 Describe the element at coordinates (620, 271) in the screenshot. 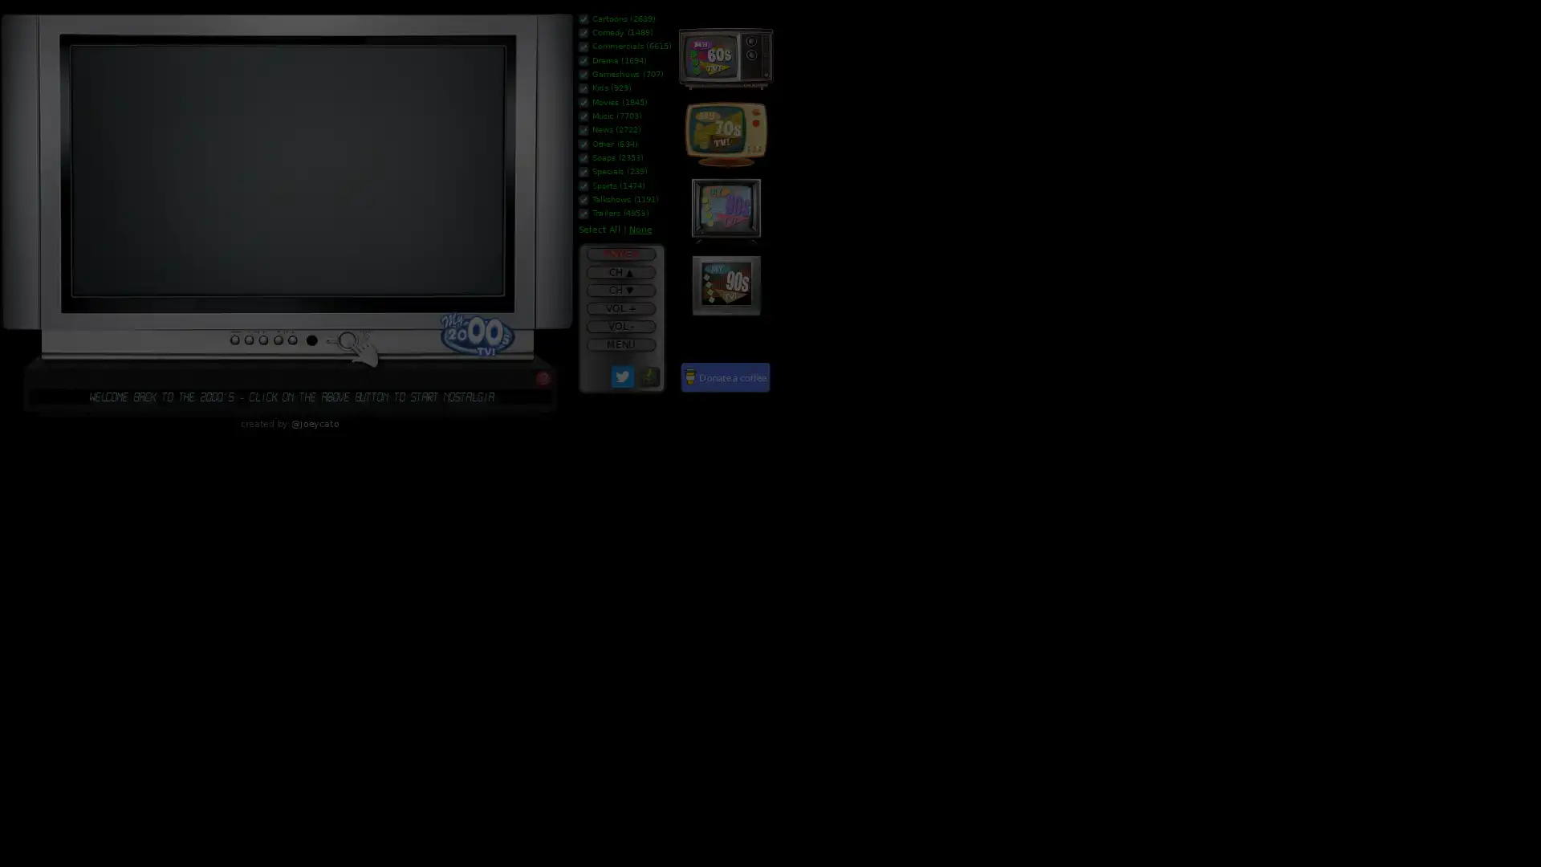

I see `CH` at that location.